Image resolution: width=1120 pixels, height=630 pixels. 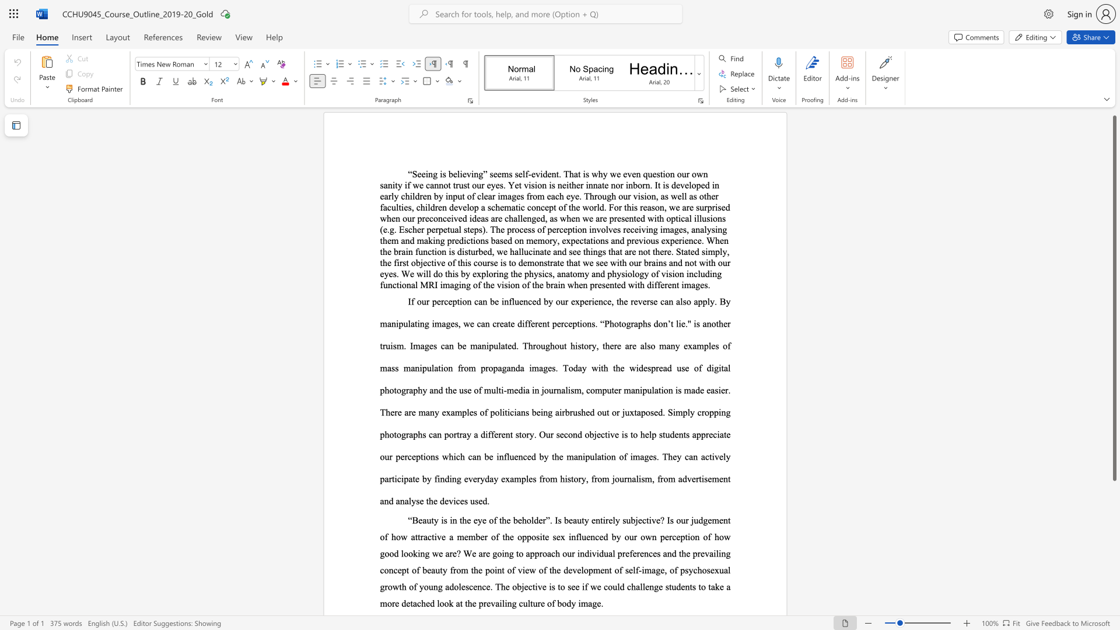 I want to click on the scrollbar and move up 10 pixels, so click(x=1114, y=297).